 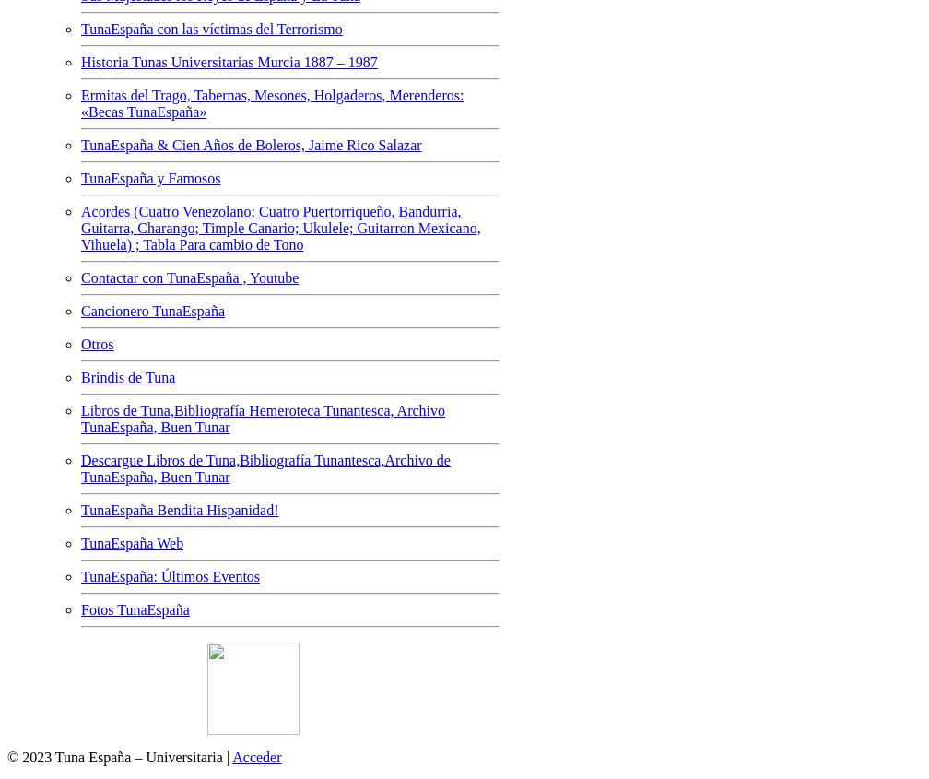 What do you see at coordinates (80, 342) in the screenshot?
I see `'Otros'` at bounding box center [80, 342].